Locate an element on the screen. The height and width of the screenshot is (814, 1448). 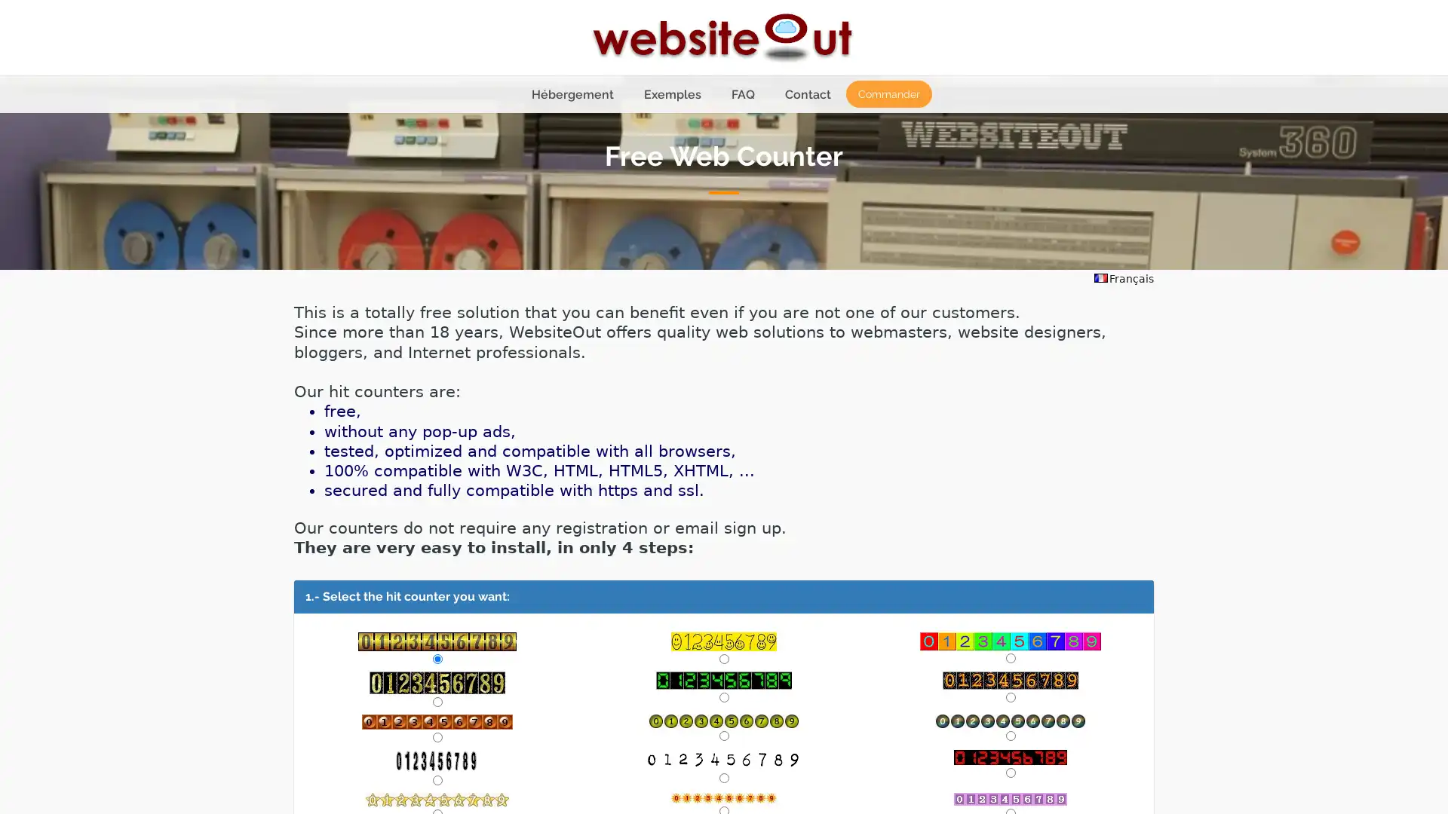
Commander is located at coordinates (888, 93).